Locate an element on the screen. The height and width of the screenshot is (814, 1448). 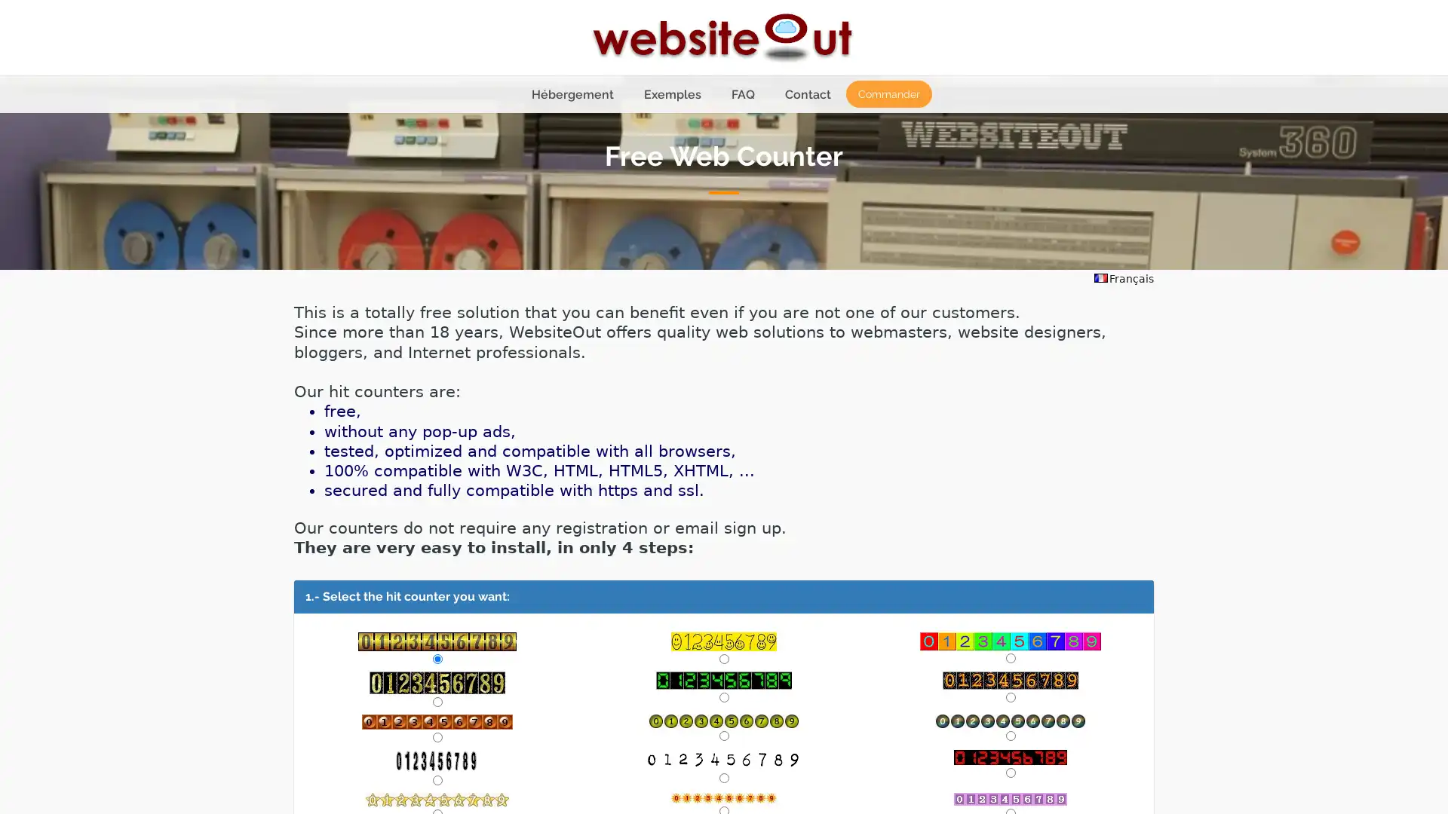
Commander is located at coordinates (888, 93).